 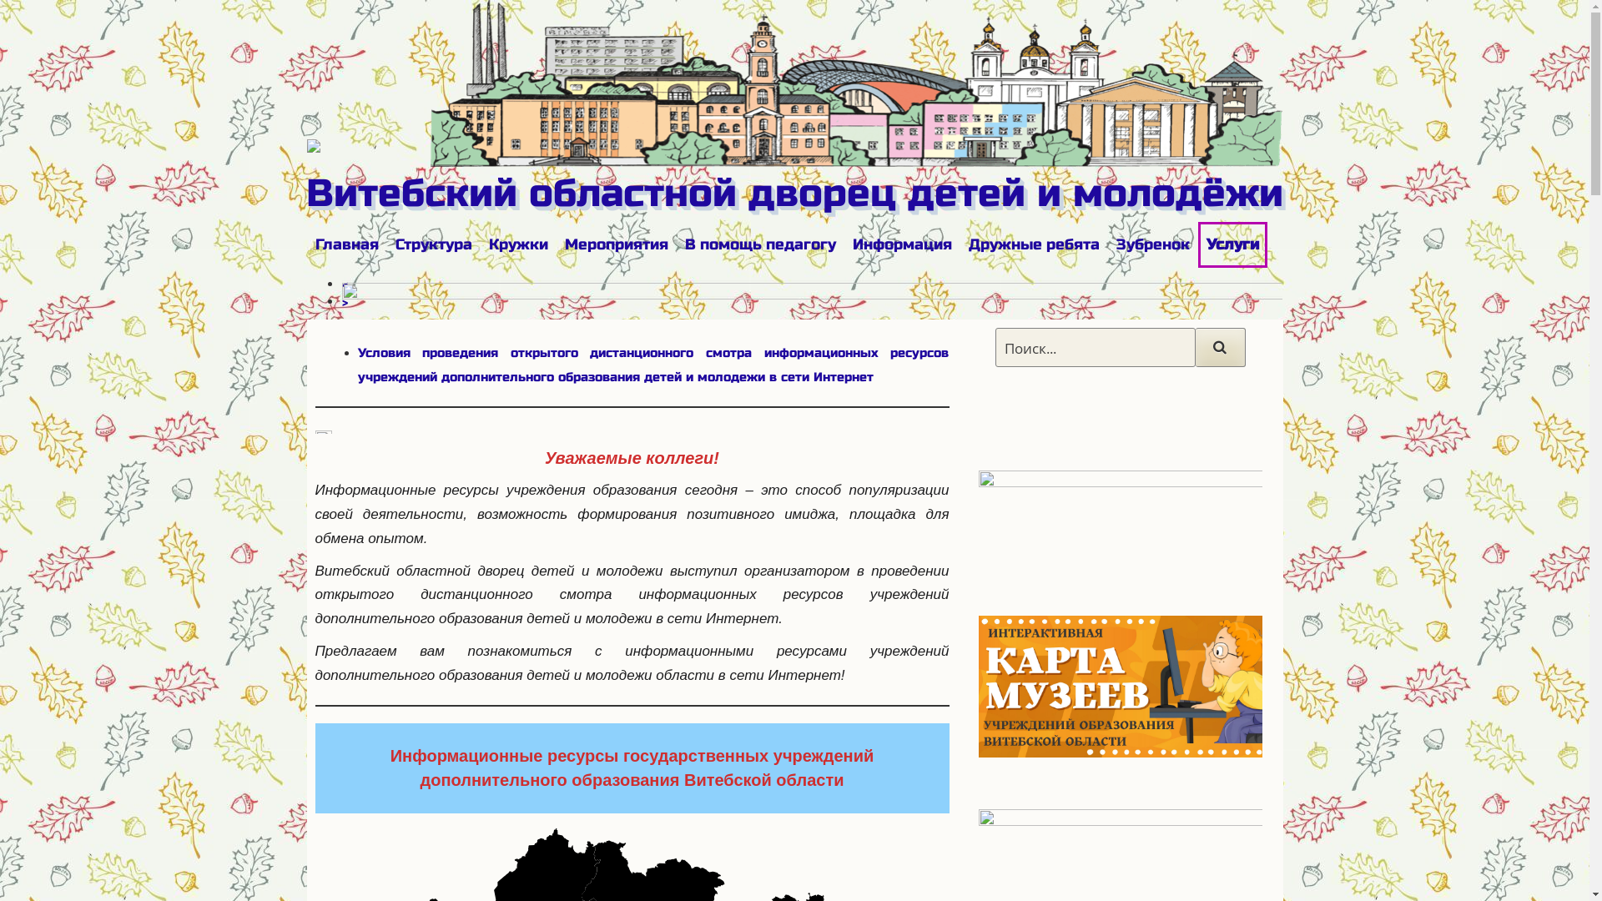 What do you see at coordinates (340, 302) in the screenshot?
I see `'>'` at bounding box center [340, 302].